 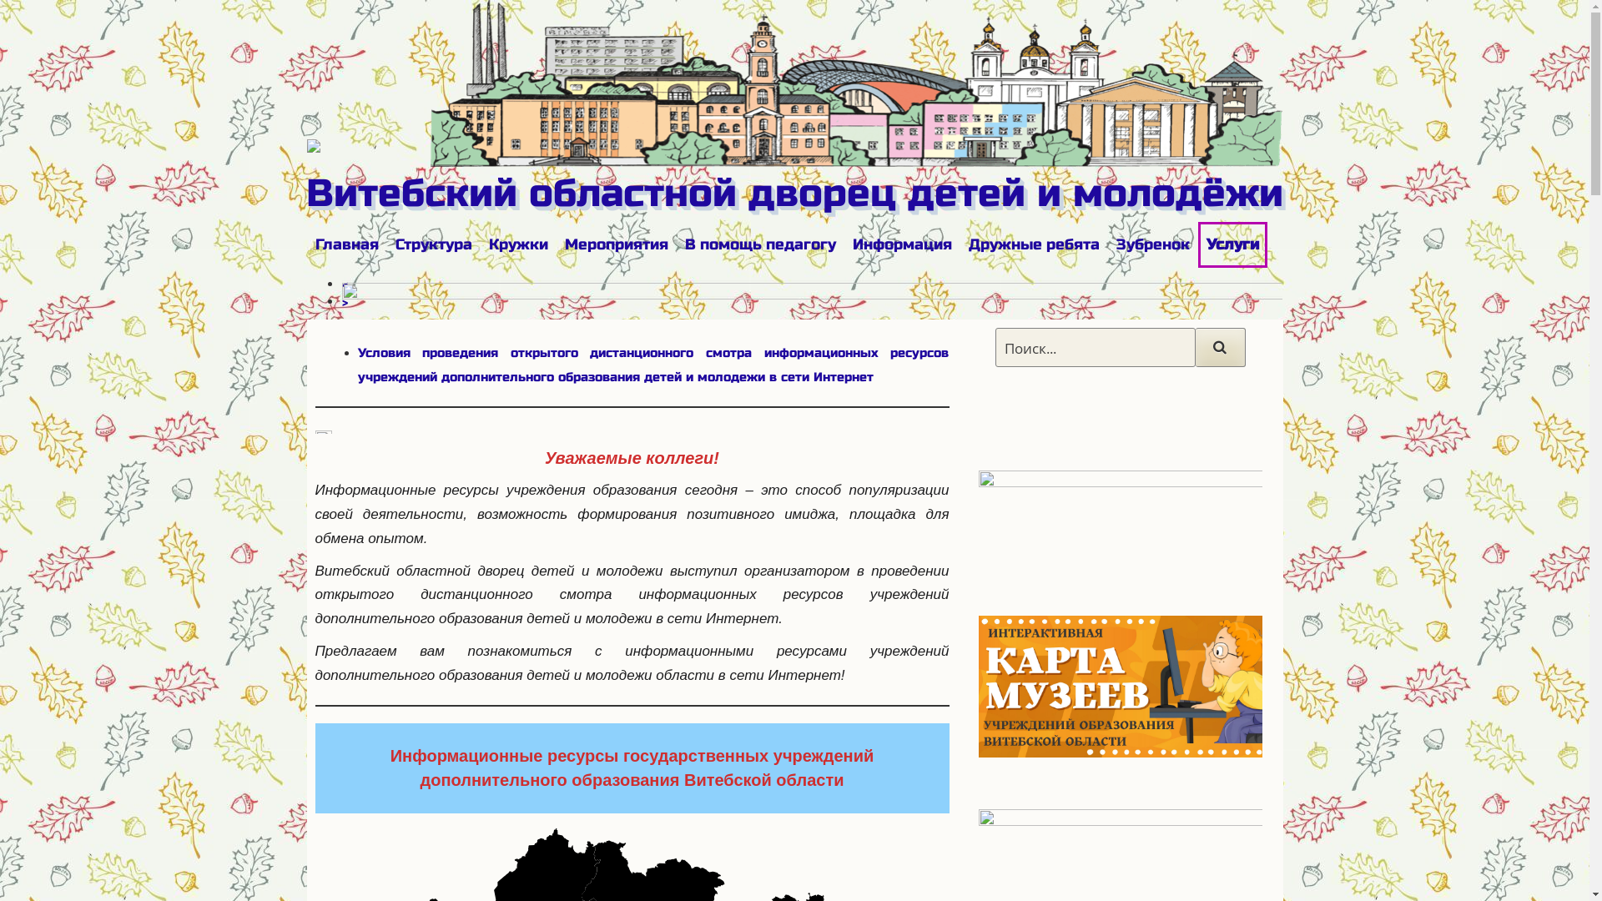 What do you see at coordinates (340, 302) in the screenshot?
I see `'>'` at bounding box center [340, 302].